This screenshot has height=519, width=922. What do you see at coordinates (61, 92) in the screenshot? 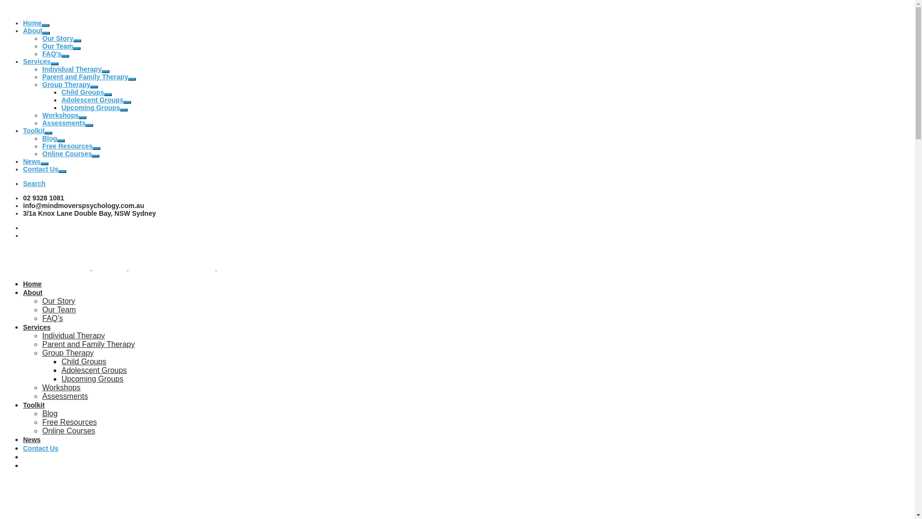
I see `'Child Groups'` at bounding box center [61, 92].